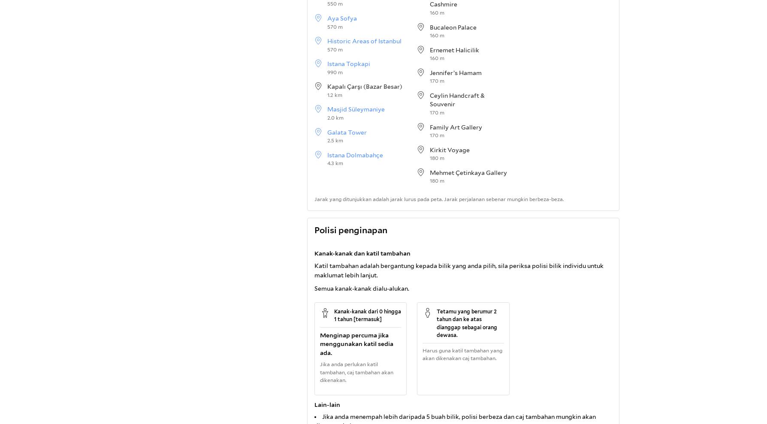 The image size is (767, 424). Describe the element at coordinates (454, 49) in the screenshot. I see `'Ernemet Halicilik'` at that location.